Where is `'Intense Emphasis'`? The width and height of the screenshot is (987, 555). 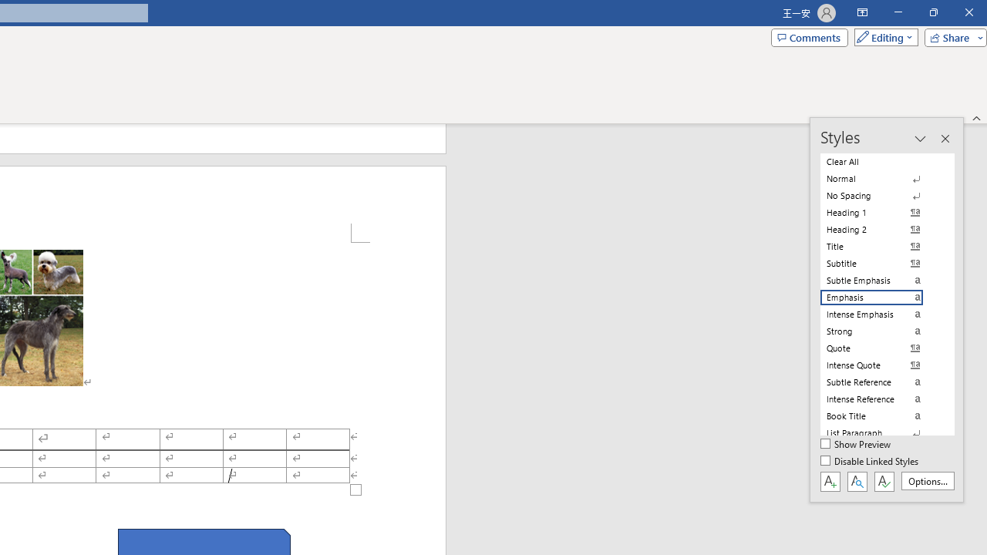 'Intense Emphasis' is located at coordinates (881, 313).